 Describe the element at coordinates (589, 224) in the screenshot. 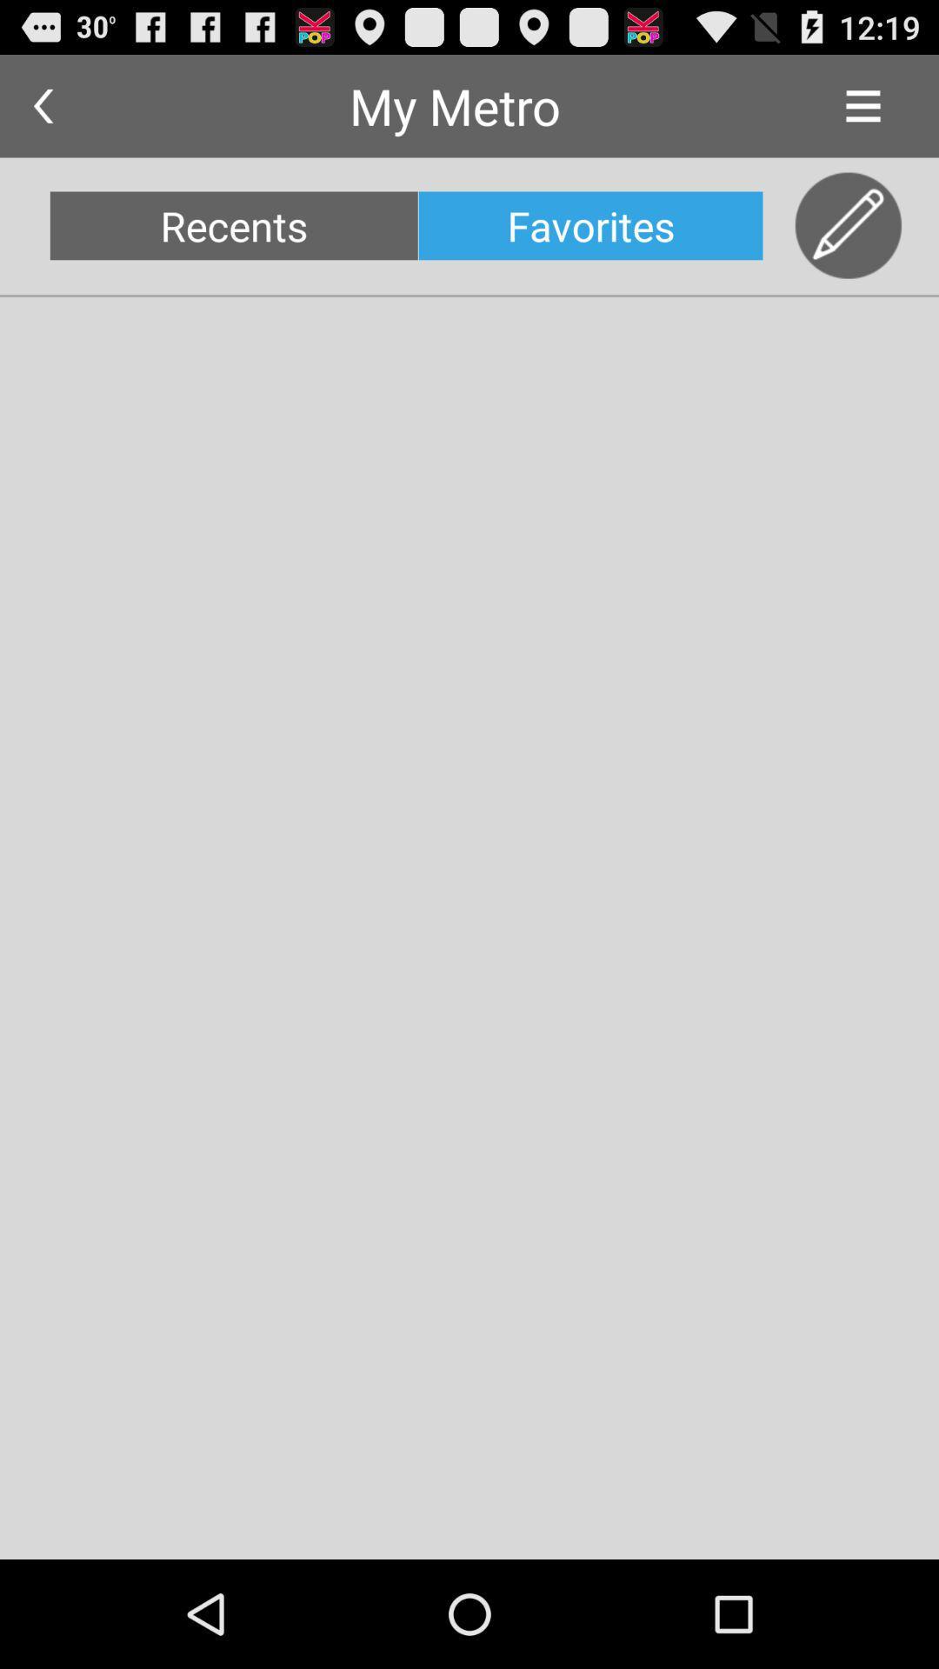

I see `icon below my metro item` at that location.